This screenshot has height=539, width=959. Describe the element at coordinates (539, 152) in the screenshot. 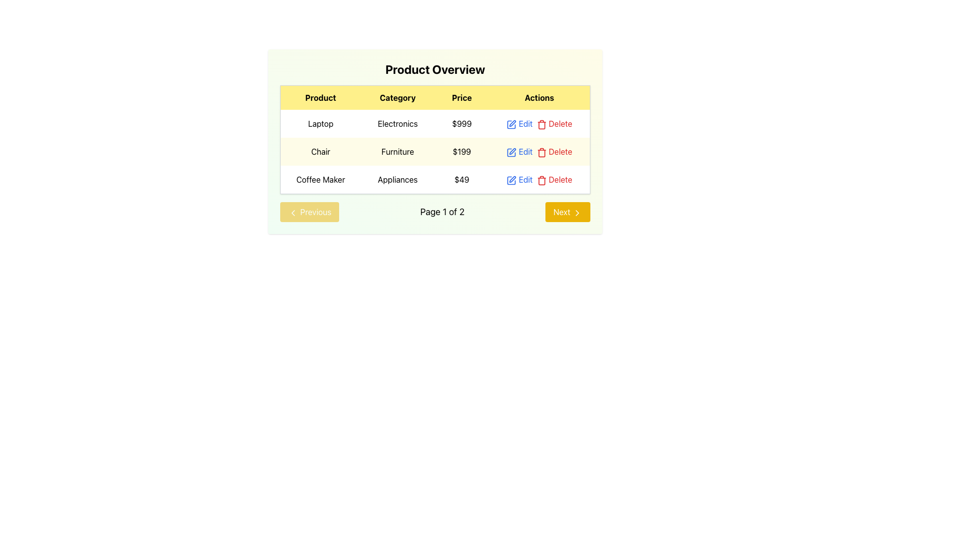

I see `the red 'Delete' button, which is part of a composite UI element containing 'Edit' and 'Delete' buttons, to trigger the hover effect` at that location.